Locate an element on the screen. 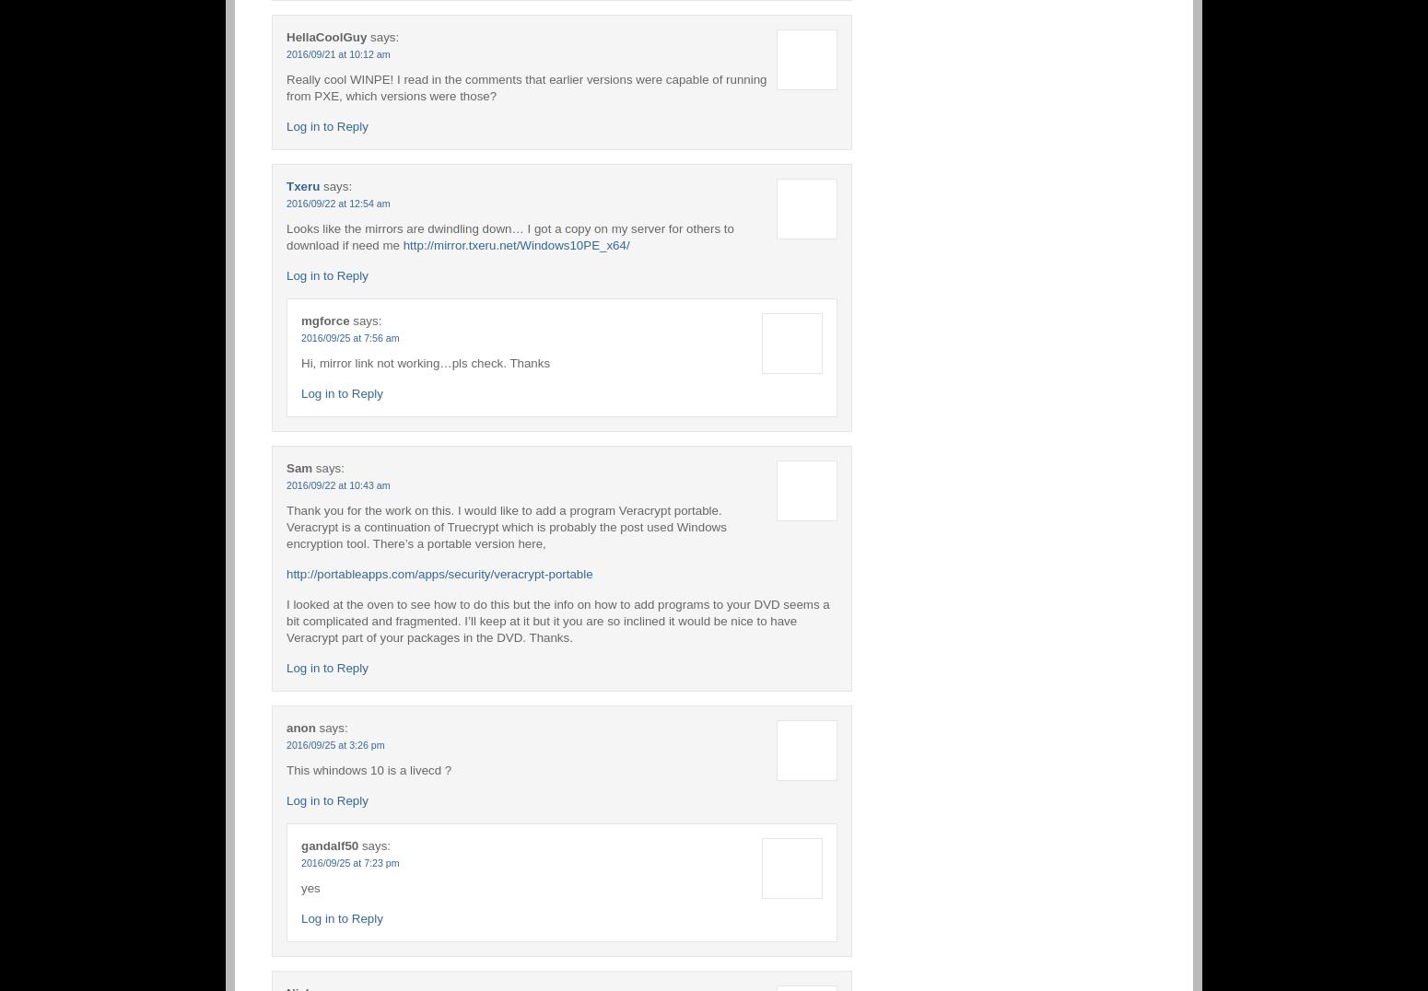 The height and width of the screenshot is (991, 1428). '2016/09/25 at 7:56 am' is located at coordinates (349, 335).